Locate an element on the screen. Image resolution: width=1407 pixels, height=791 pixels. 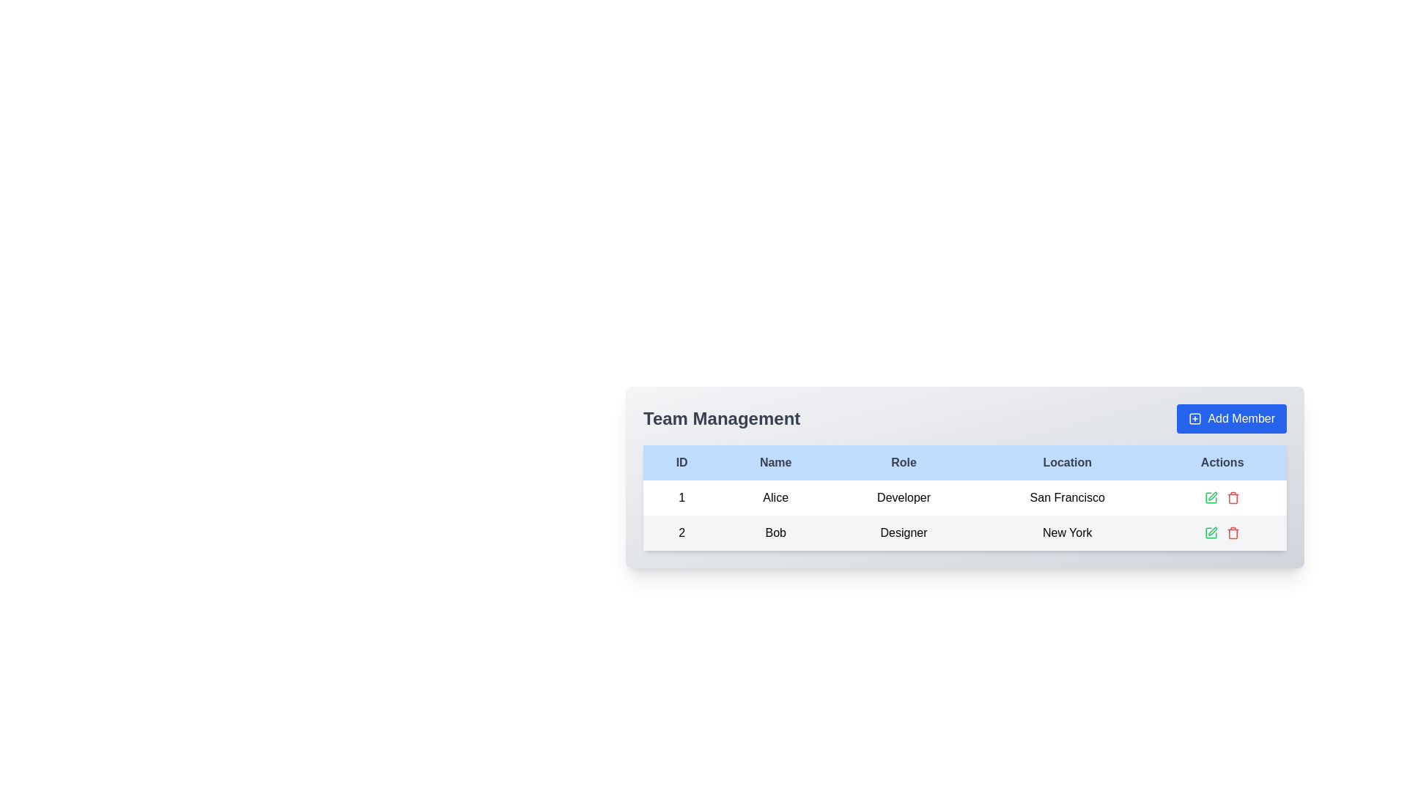
label of the 'Name' column header in the table, which is the second header located between 'ID' and 'Role' is located at coordinates (775, 463).